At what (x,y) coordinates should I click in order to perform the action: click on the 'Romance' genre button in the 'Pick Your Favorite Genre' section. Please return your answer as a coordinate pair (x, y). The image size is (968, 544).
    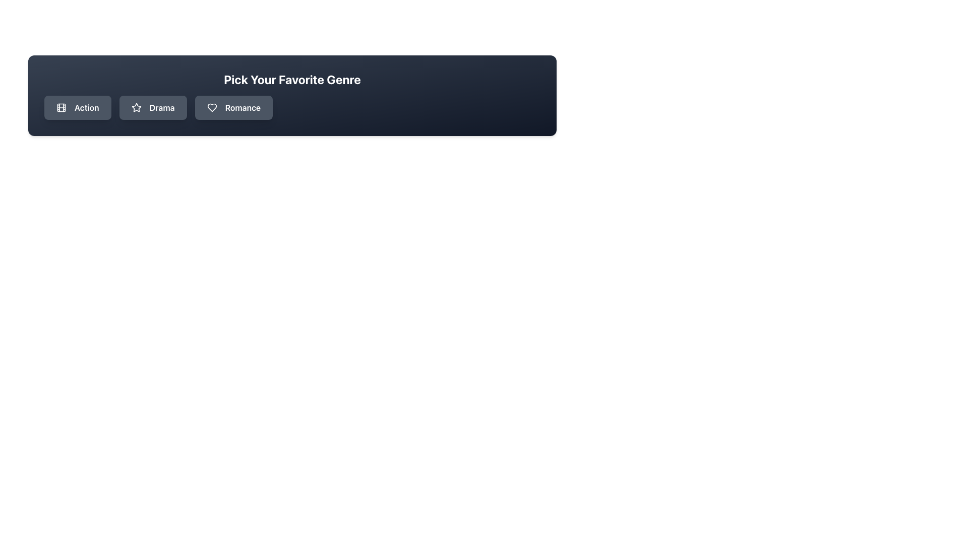
    Looking at the image, I should click on (233, 107).